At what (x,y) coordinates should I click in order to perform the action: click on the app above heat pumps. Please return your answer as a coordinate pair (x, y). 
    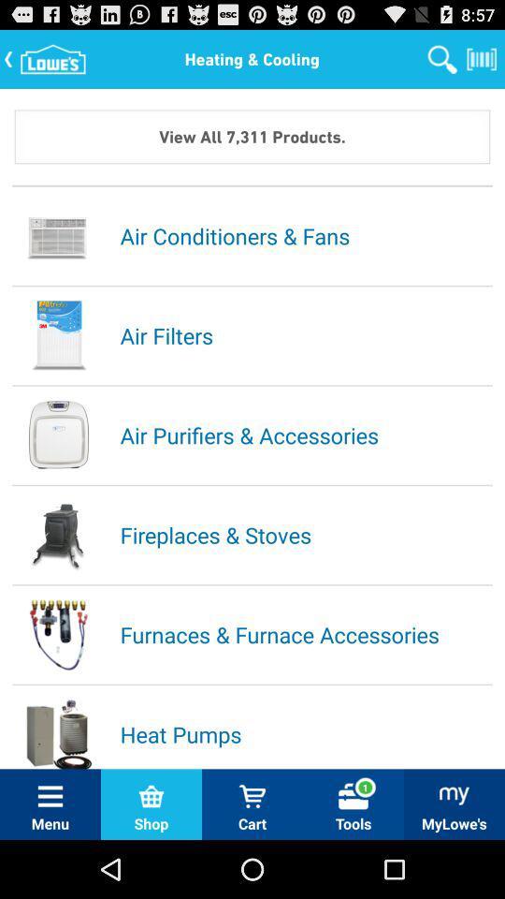
    Looking at the image, I should click on (305, 634).